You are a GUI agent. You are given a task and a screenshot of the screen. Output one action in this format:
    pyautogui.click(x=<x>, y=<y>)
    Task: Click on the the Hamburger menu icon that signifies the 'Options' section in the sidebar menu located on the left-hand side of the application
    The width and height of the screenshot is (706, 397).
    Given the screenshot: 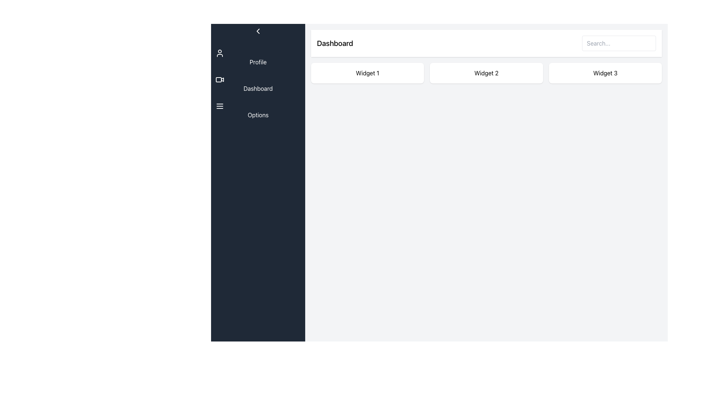 What is the action you would take?
    pyautogui.click(x=220, y=106)
    